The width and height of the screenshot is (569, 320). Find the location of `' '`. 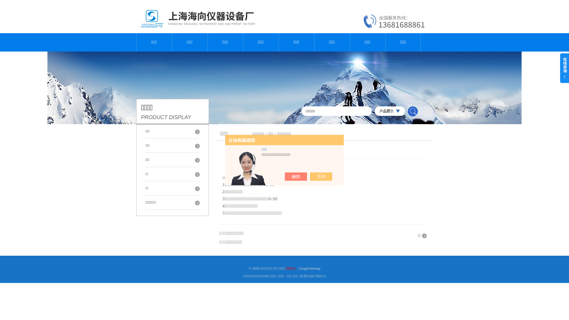

' ' is located at coordinates (412, 111).